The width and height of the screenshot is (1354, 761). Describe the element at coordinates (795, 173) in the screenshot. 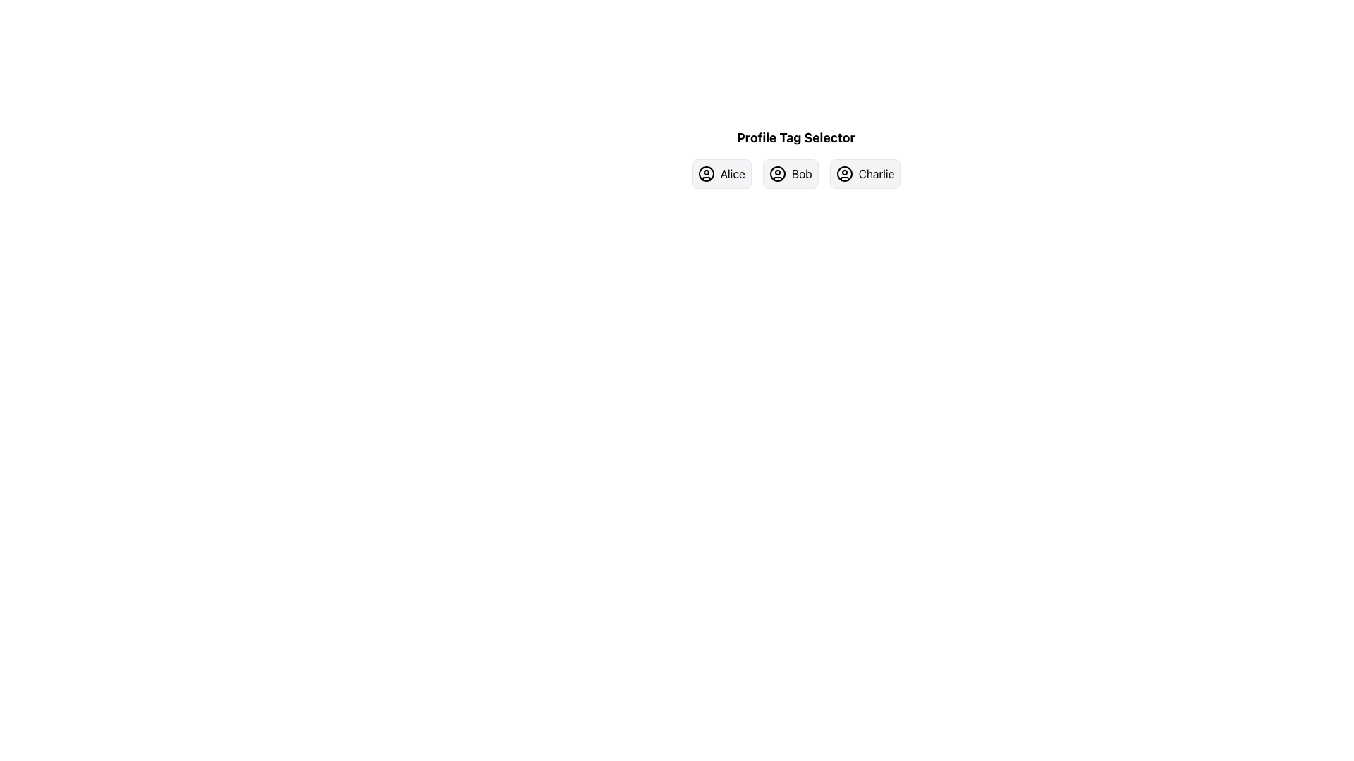

I see `the button labeled 'Bob' in the user profile selector button group, which is the second button in a group of three, positioned beneath the 'Profile Tag Selector' label` at that location.